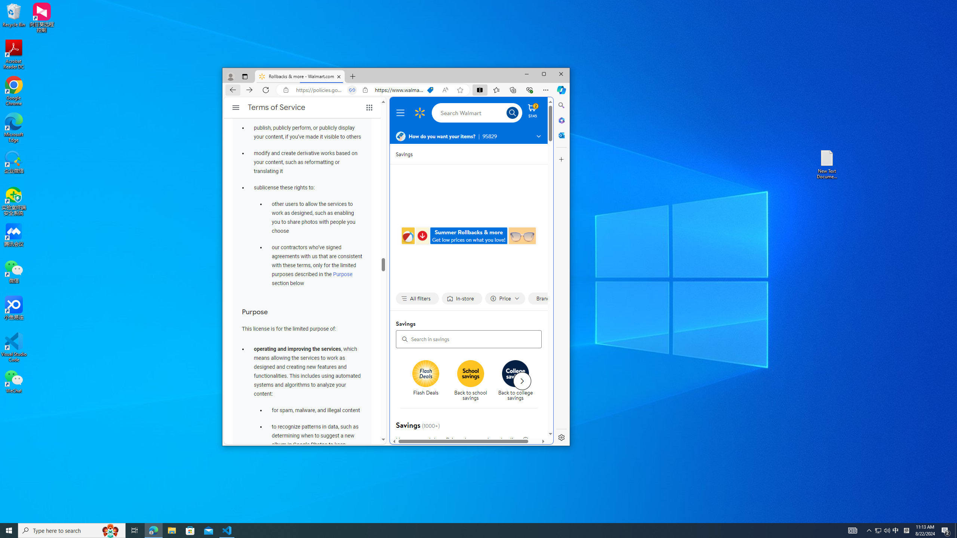 This screenshot has height=538, width=957. What do you see at coordinates (852, 530) in the screenshot?
I see `'AutomationID: 4105'` at bounding box center [852, 530].